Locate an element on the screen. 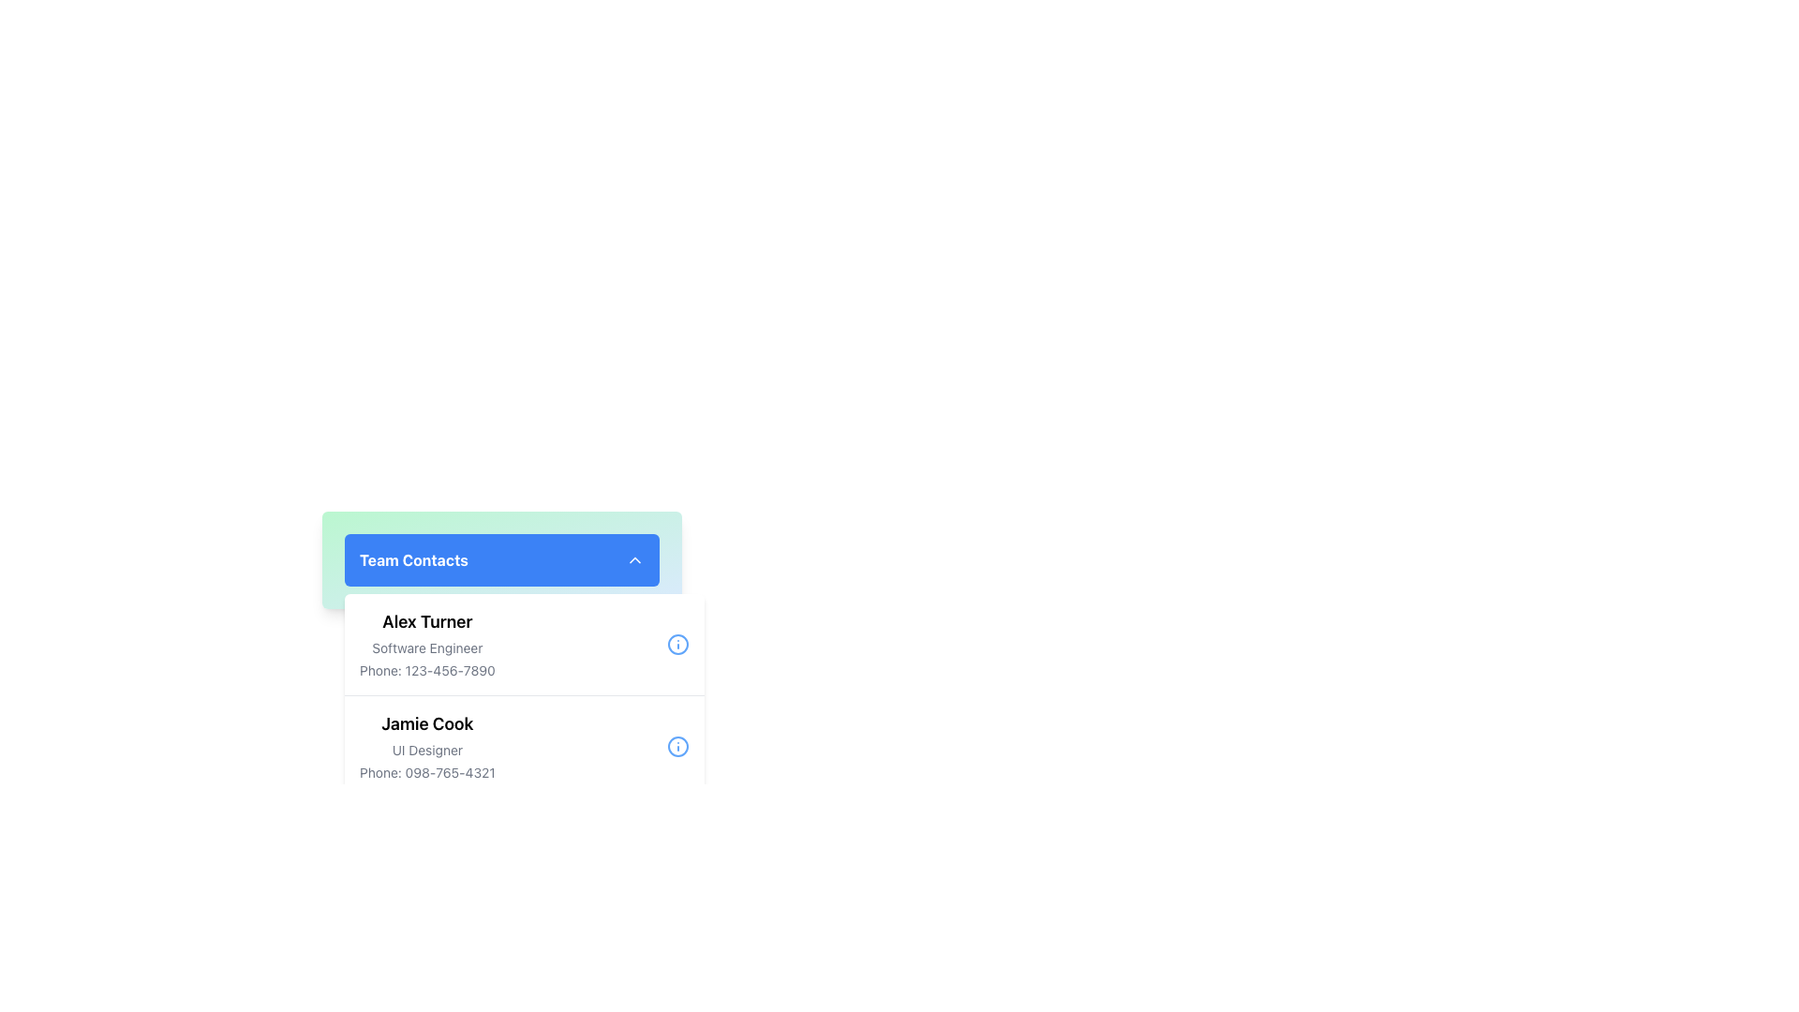  the circular icon with a blue stroke and white fill located to the right of the 'Jamie Cook' user information in the contact card list is located at coordinates (677, 746).